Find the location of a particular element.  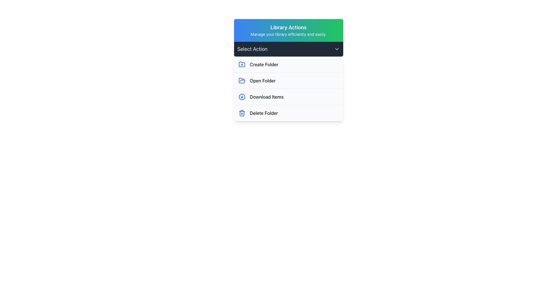

the blue circular outline with a downward-pointing arrow icon, which is part of the navigation dropdown under 'Download Items' is located at coordinates (242, 96).